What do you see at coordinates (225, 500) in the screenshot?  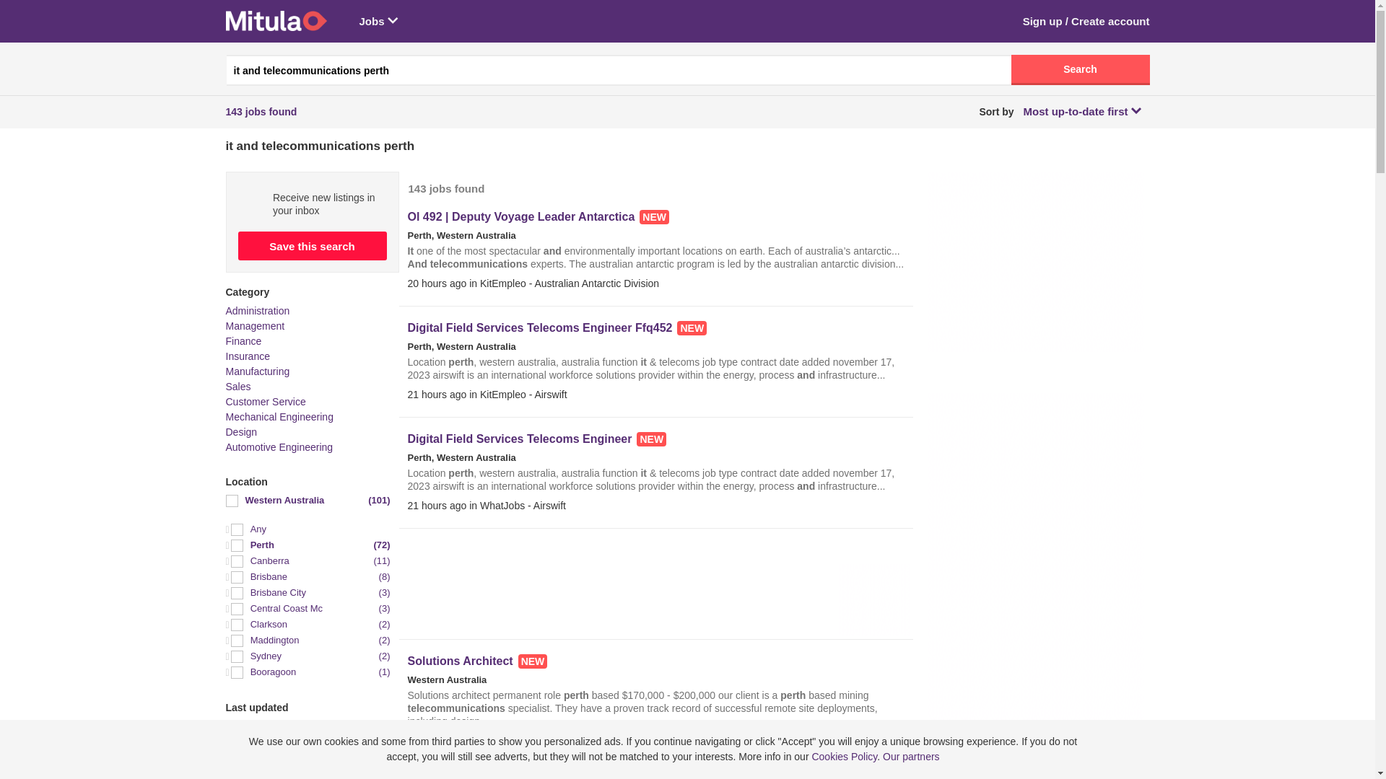 I see `'Western Australia` at bounding box center [225, 500].